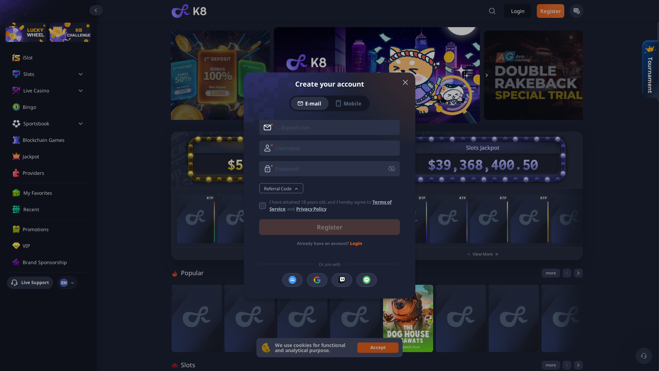  Describe the element at coordinates (408, 318) in the screenshot. I see `'The Dog House Megaways'` at that location.